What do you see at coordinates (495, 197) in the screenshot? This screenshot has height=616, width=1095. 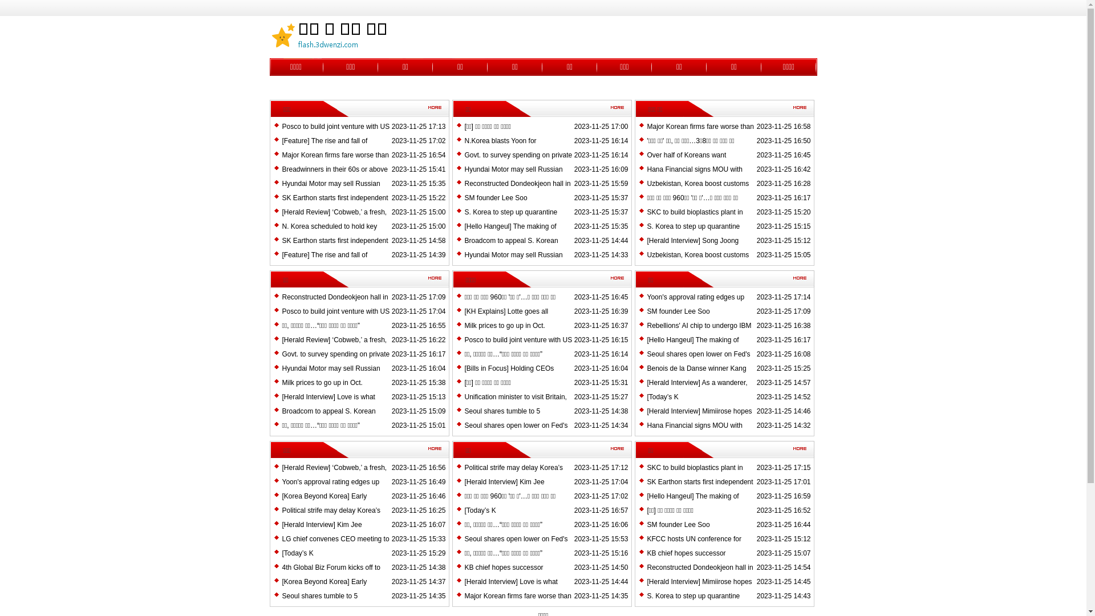 I see `'SM founder Lee Soo'` at bounding box center [495, 197].